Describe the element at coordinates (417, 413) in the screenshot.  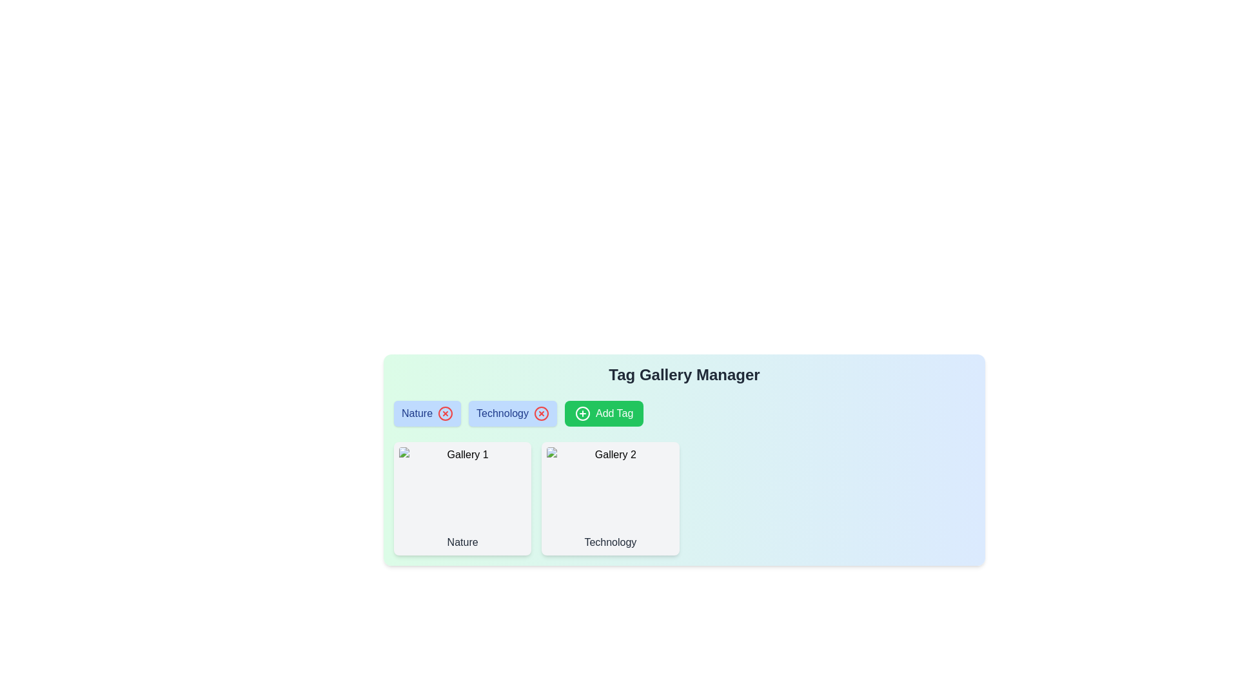
I see `the text label displaying 'Nature' in bold blue font, located on the left side of a blue pill-shaped tag` at that location.